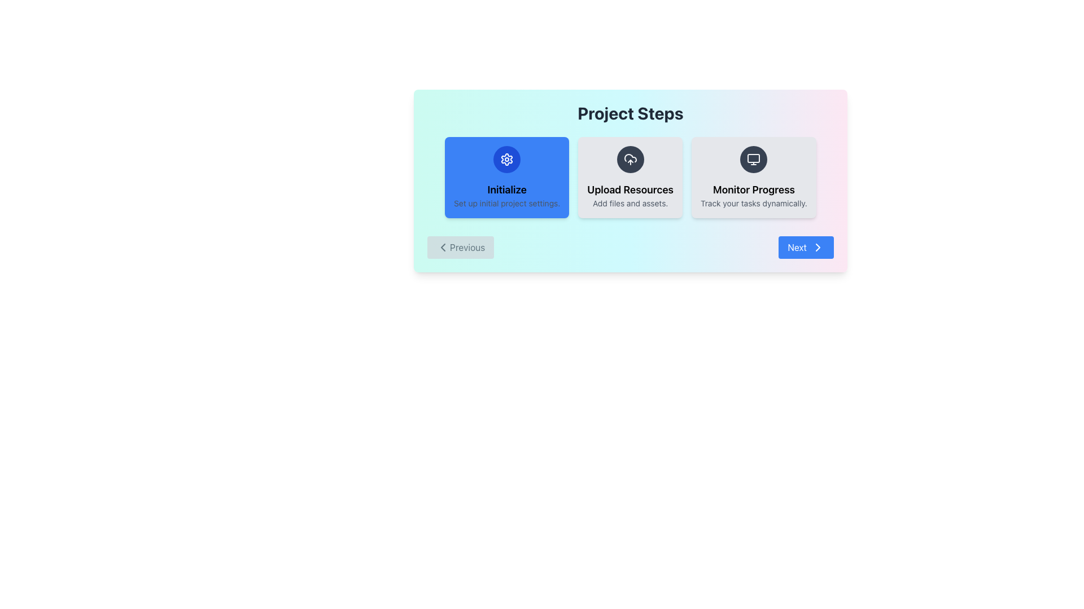 The width and height of the screenshot is (1084, 609). Describe the element at coordinates (754, 159) in the screenshot. I see `the SVG icon resembling a computer monitor, which is centered within a dark gray circular background, located in the third card under the text 'Monitor Progress'` at that location.